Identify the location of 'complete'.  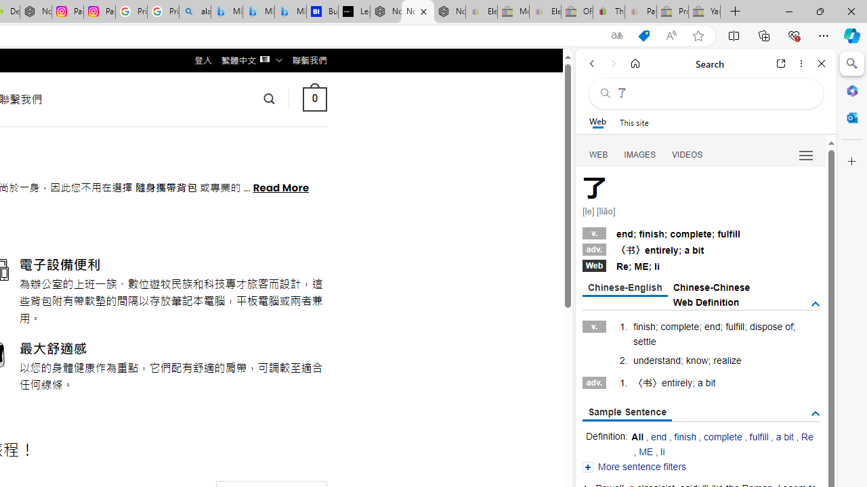
(721, 436).